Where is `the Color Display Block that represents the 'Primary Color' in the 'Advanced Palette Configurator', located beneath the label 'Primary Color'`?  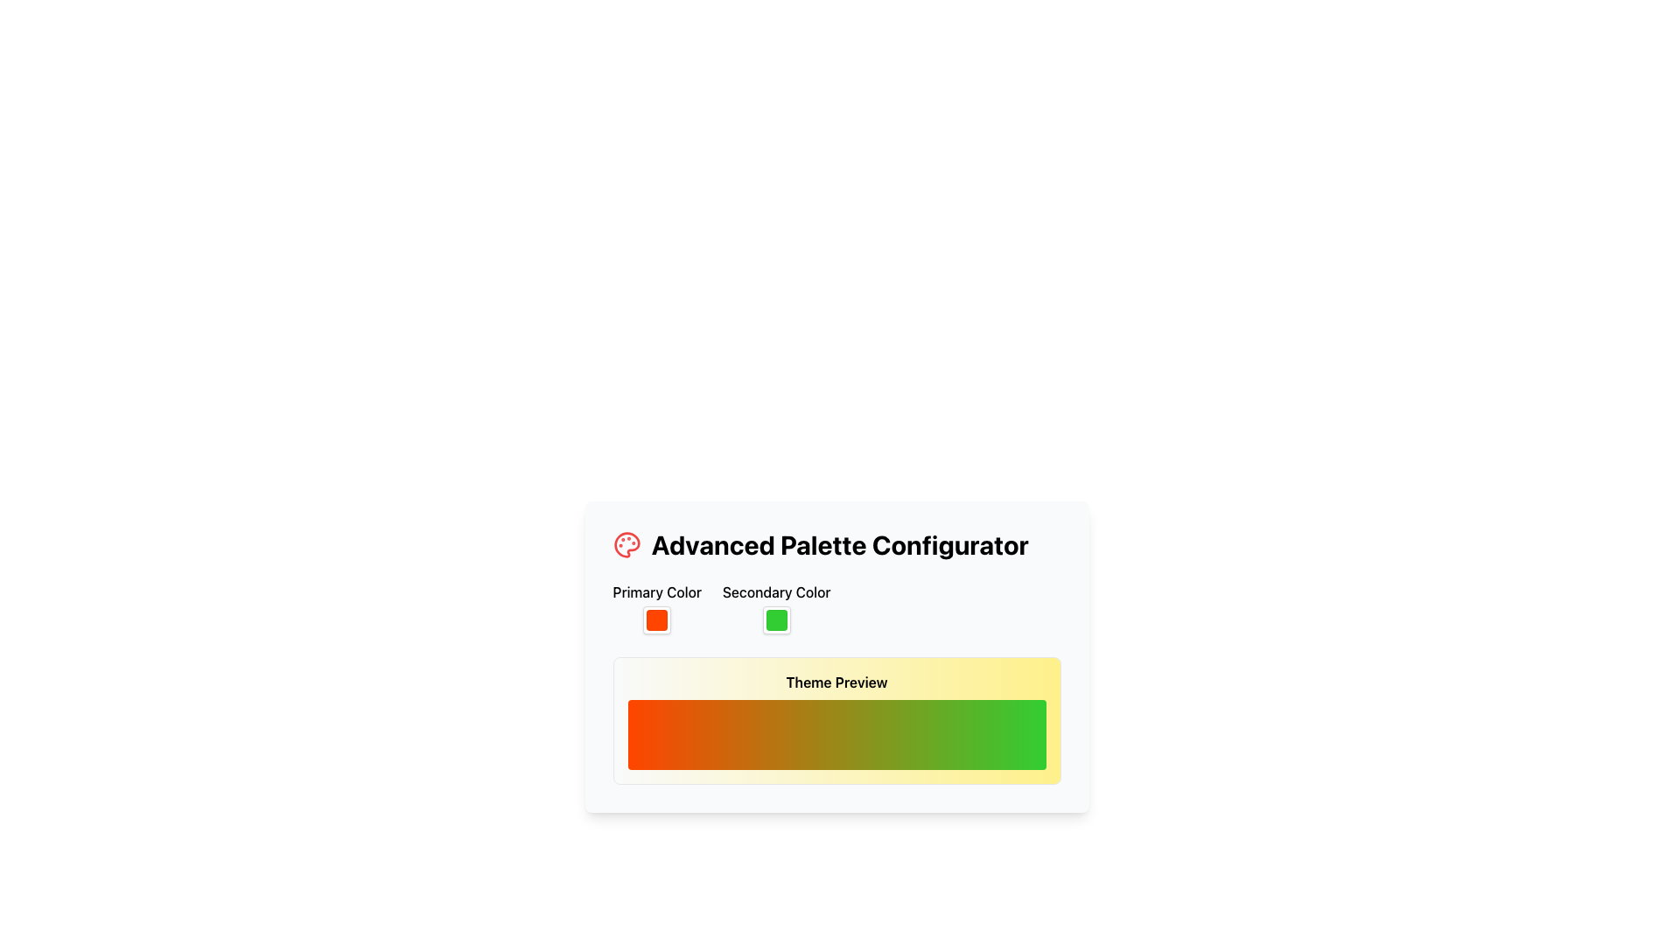 the Color Display Block that represents the 'Primary Color' in the 'Advanced Palette Configurator', located beneath the label 'Primary Color' is located at coordinates (656, 619).